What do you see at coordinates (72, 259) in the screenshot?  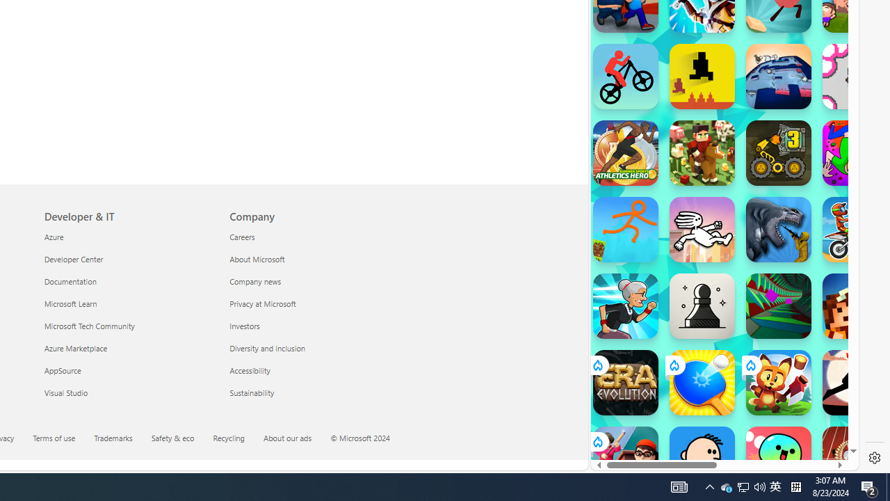 I see `'Developer Center Developer & IT'` at bounding box center [72, 259].